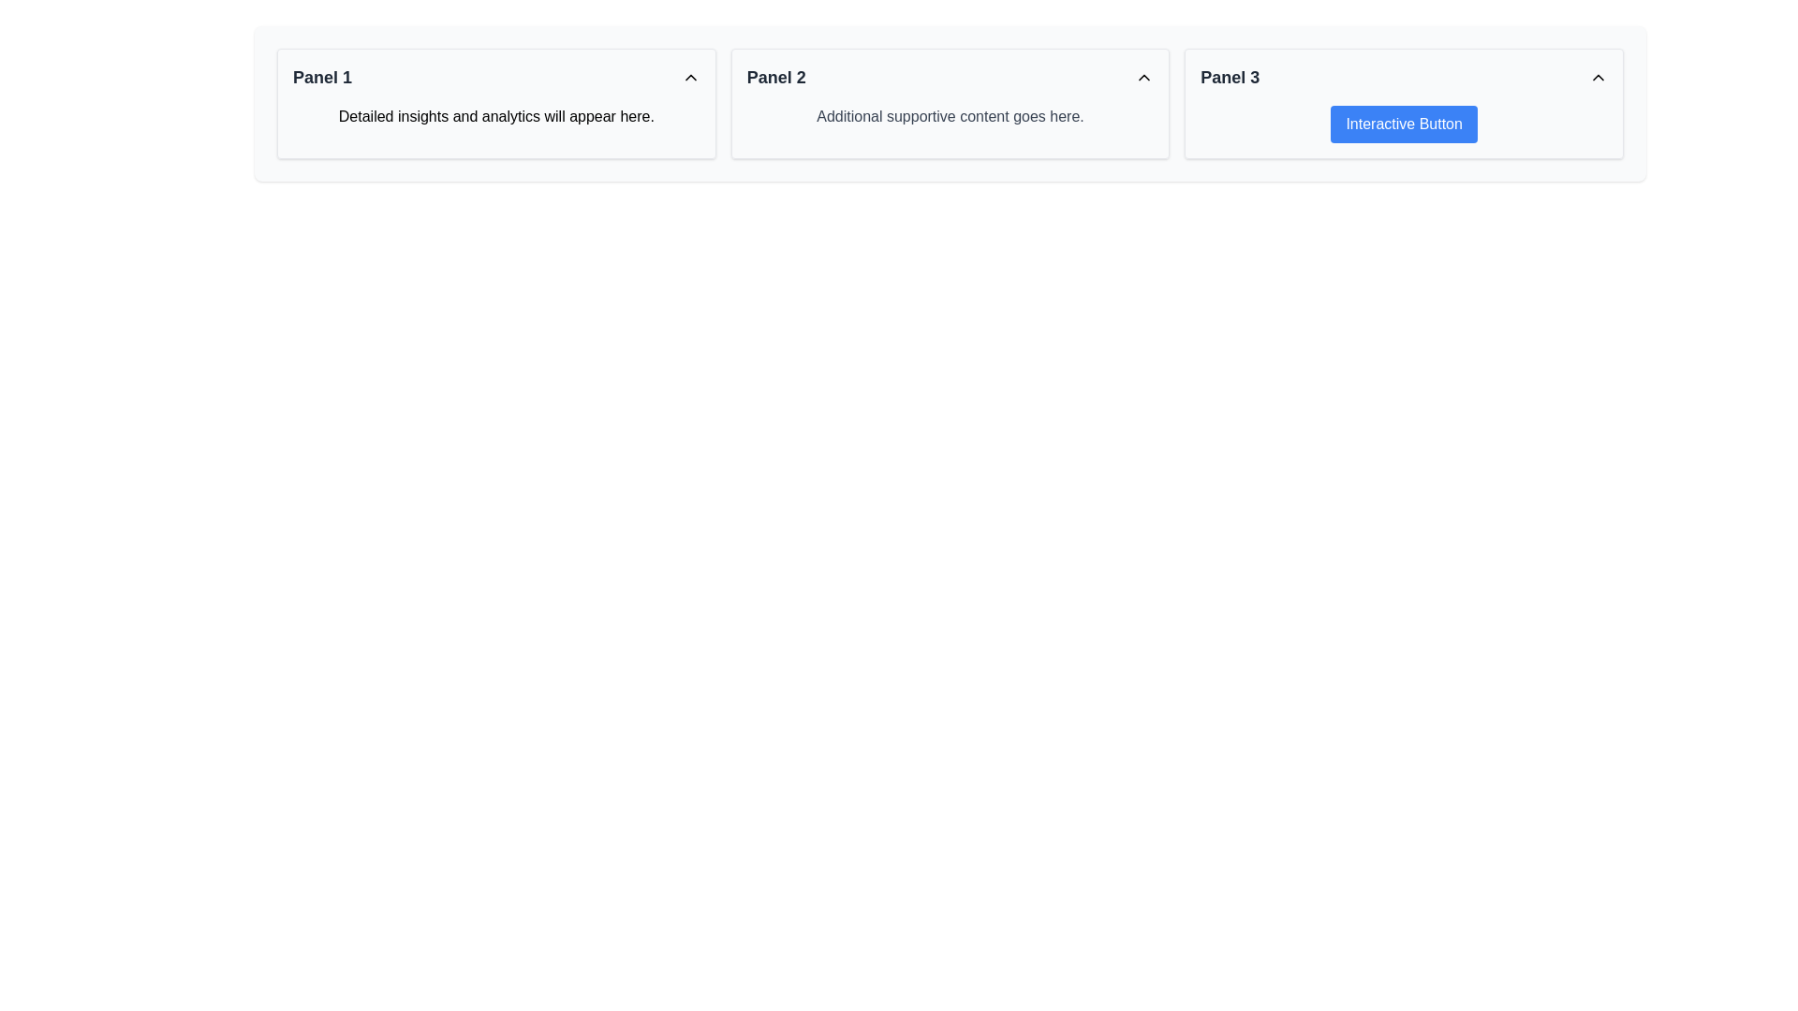  Describe the element at coordinates (1230, 77) in the screenshot. I see `the header label for the third panel, which identifies the content in that panel, located at the top left of the third column of panels` at that location.